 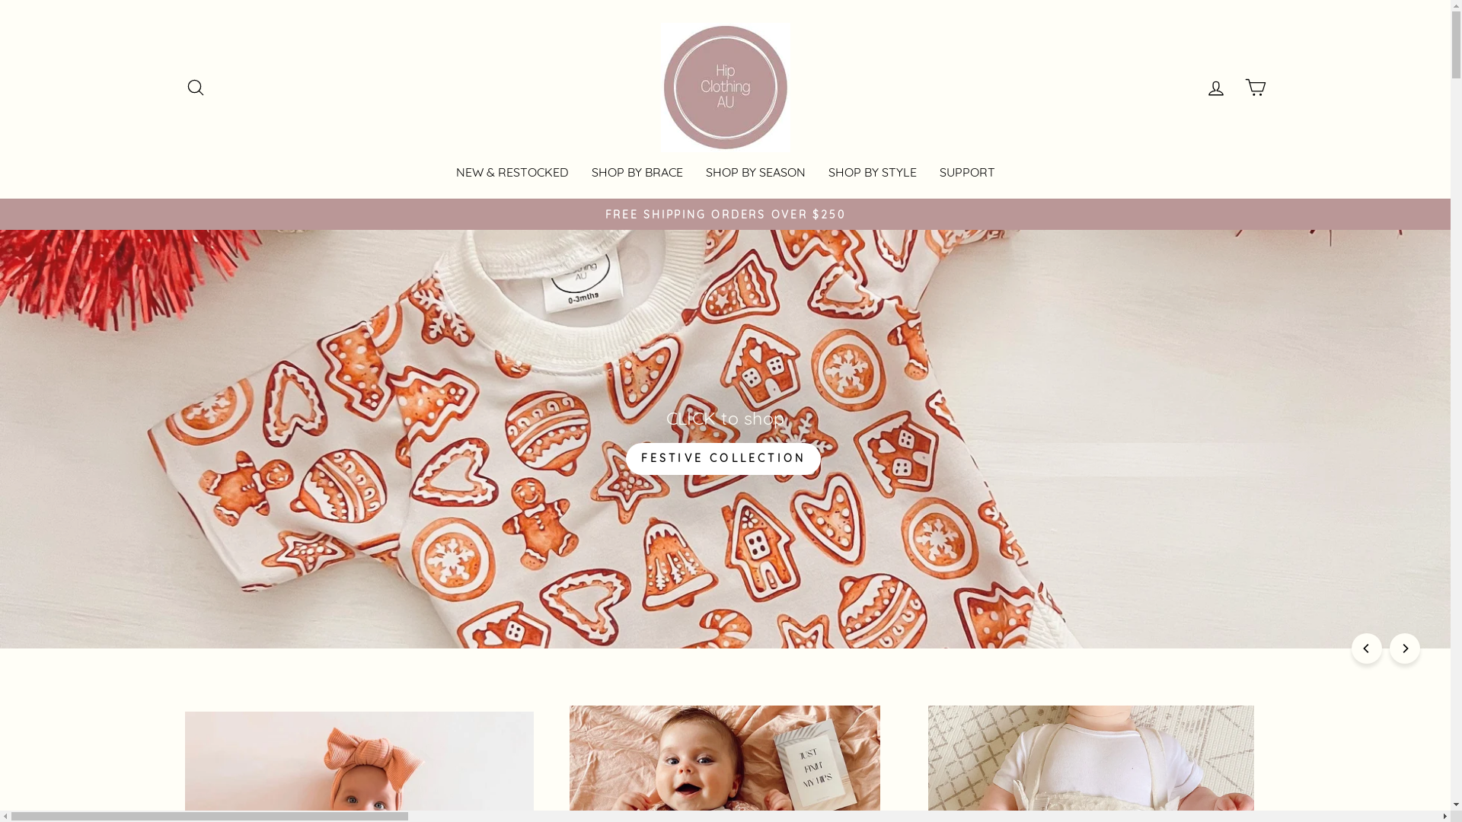 What do you see at coordinates (927, 171) in the screenshot?
I see `'SUPPORT'` at bounding box center [927, 171].